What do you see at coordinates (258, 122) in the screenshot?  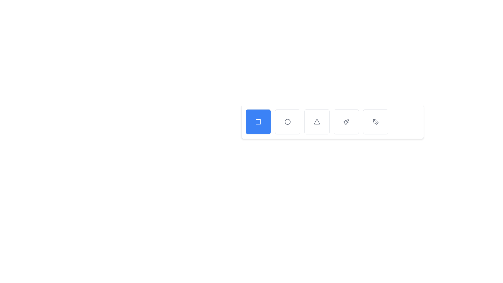 I see `the blue square button with a white border and rounded corners, which is the first button from the left in its horizontal sequence` at bounding box center [258, 122].